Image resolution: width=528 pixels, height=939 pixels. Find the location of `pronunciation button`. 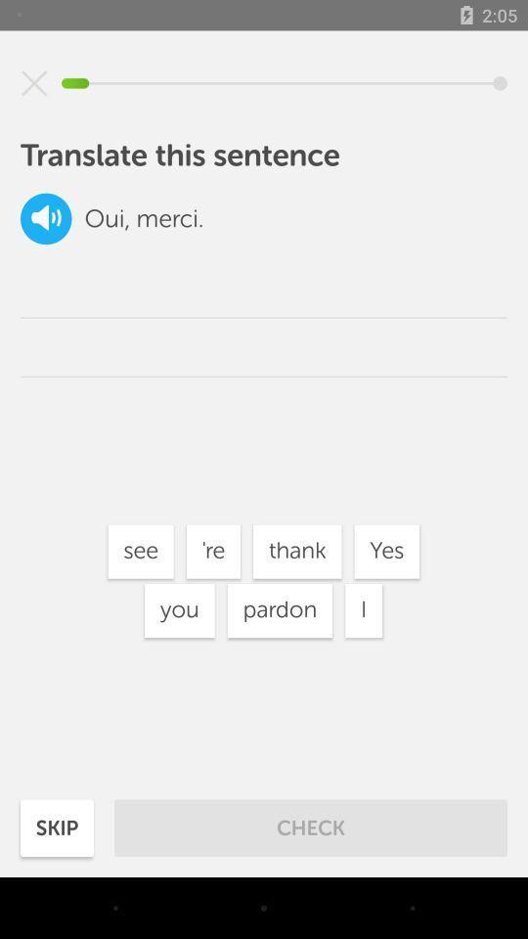

pronunciation button is located at coordinates (46, 218).